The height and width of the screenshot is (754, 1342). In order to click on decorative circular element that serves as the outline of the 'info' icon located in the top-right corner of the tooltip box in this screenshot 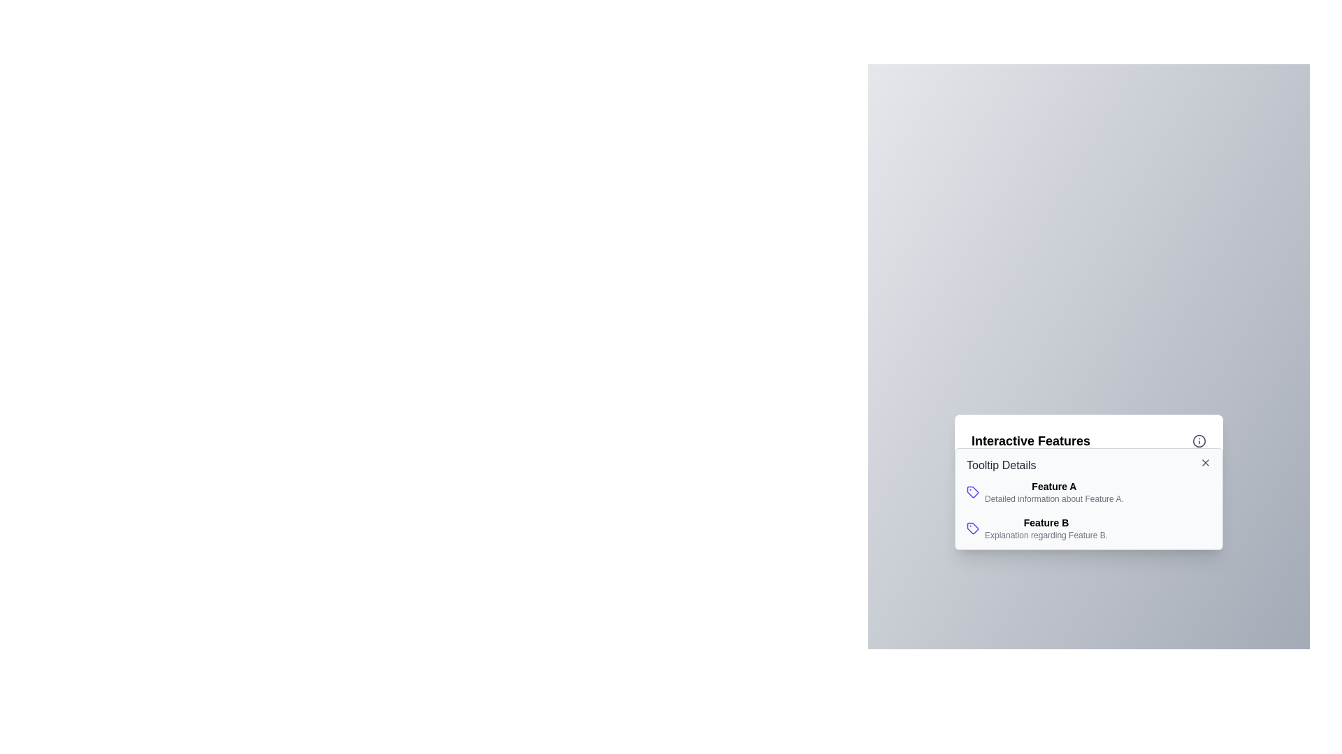, I will do `click(1199, 441)`.